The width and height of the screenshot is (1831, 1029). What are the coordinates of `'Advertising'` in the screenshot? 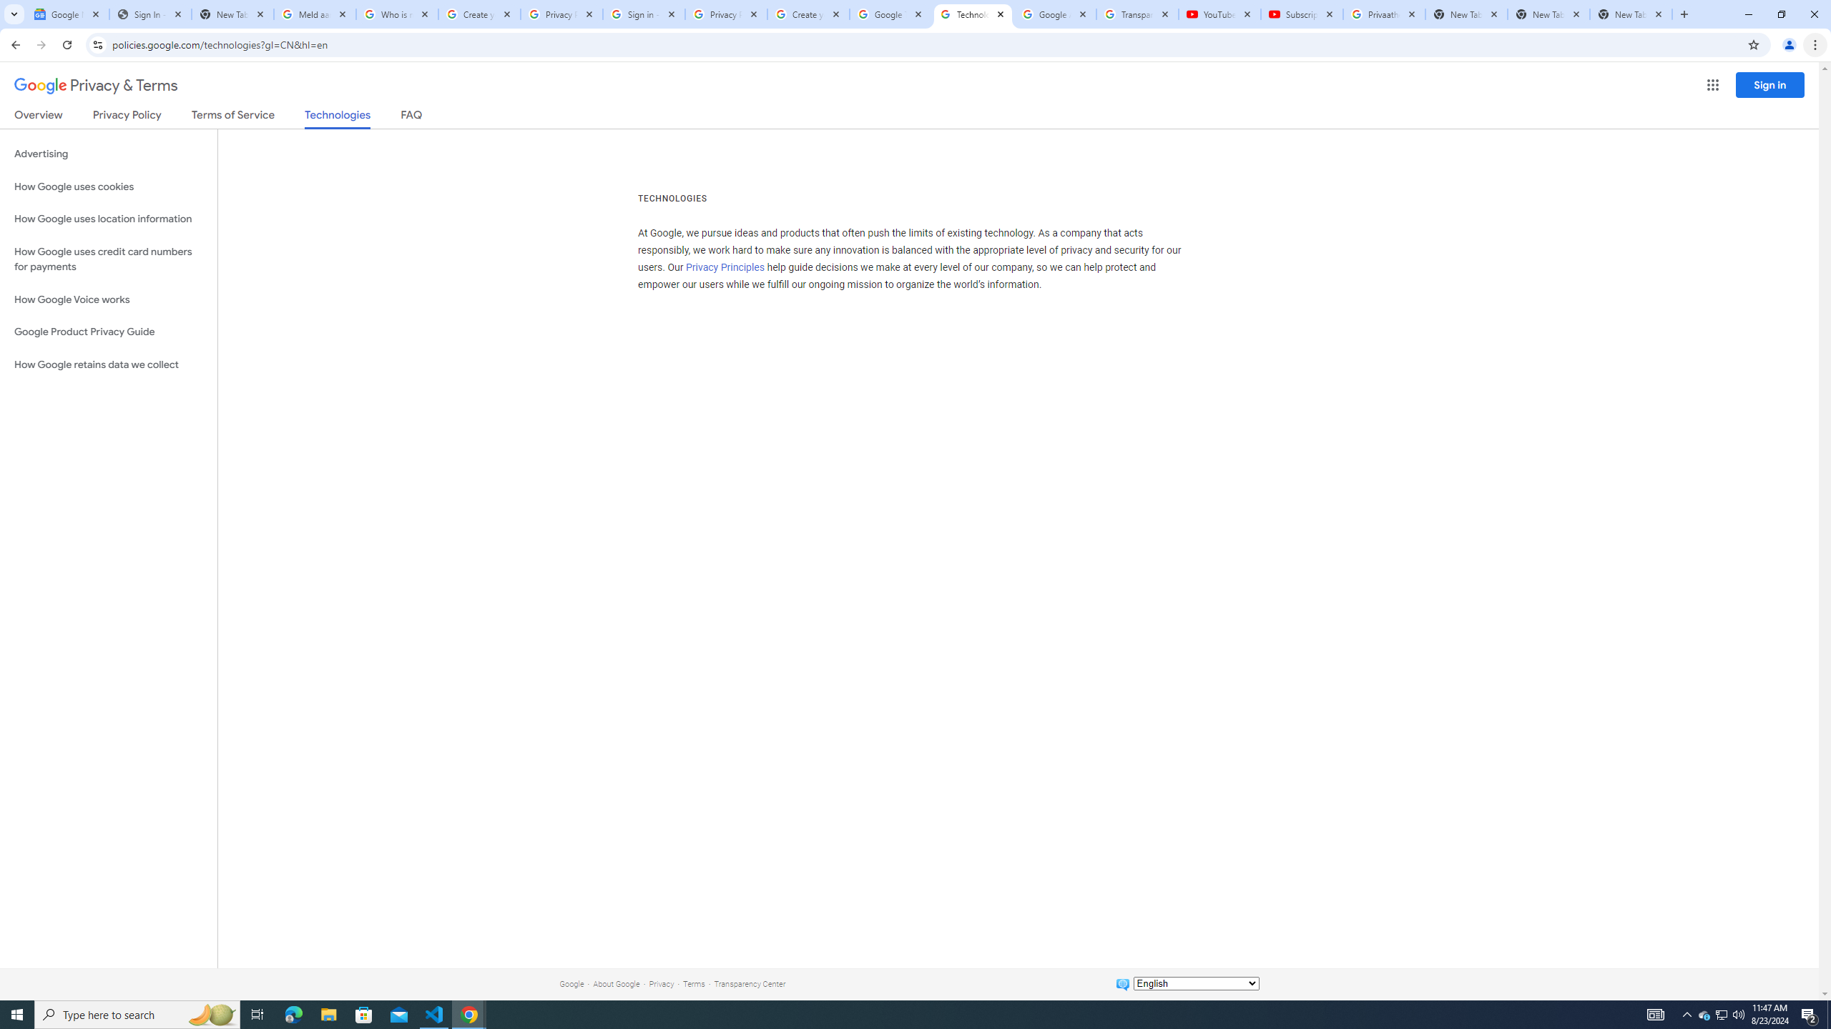 It's located at (108, 154).